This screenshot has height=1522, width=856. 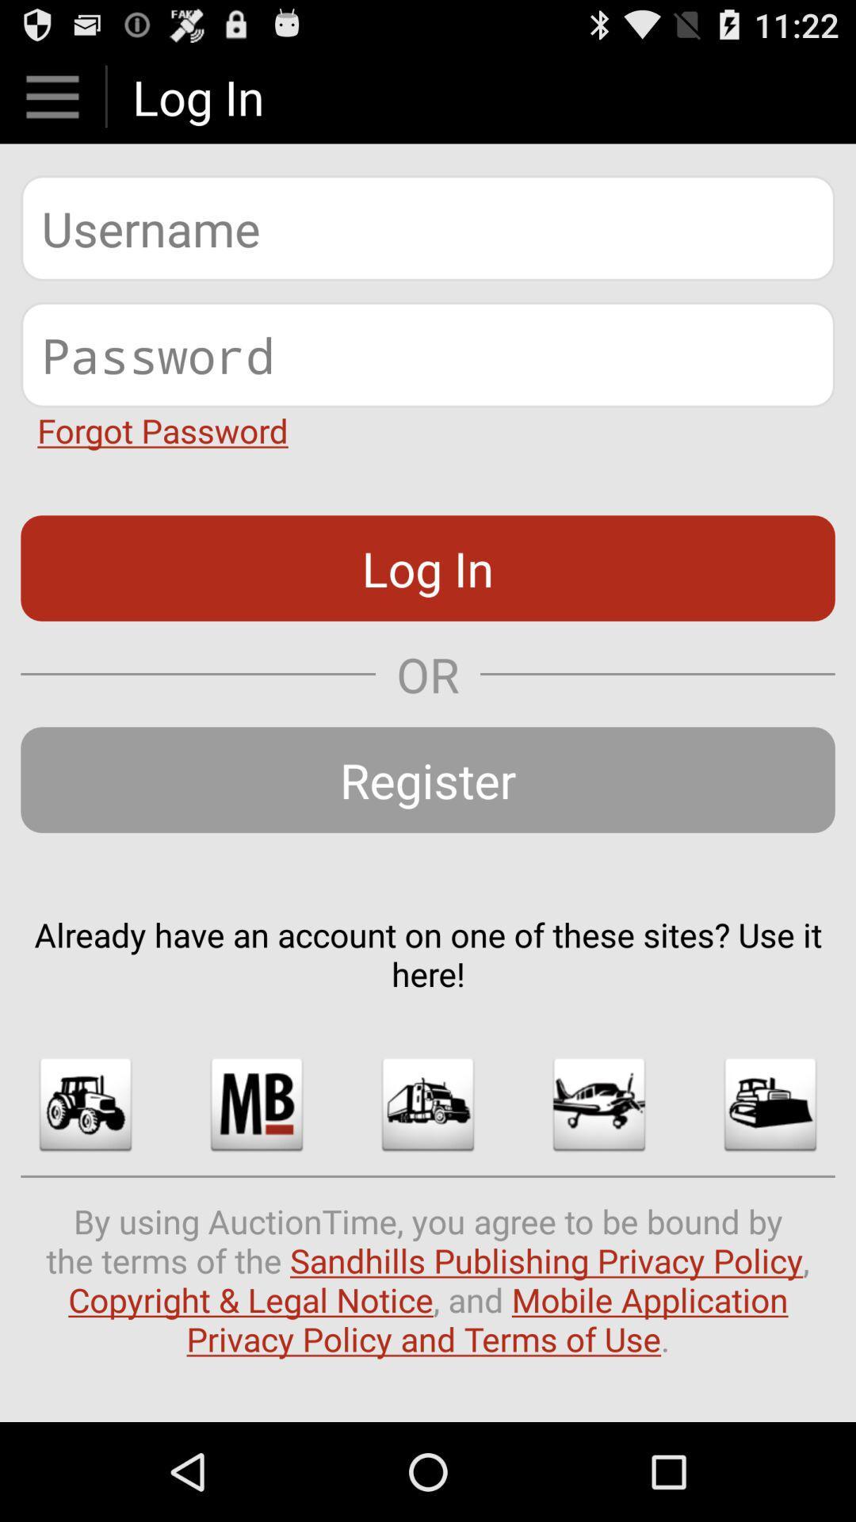 What do you see at coordinates (162, 430) in the screenshot?
I see `the item above log in button` at bounding box center [162, 430].